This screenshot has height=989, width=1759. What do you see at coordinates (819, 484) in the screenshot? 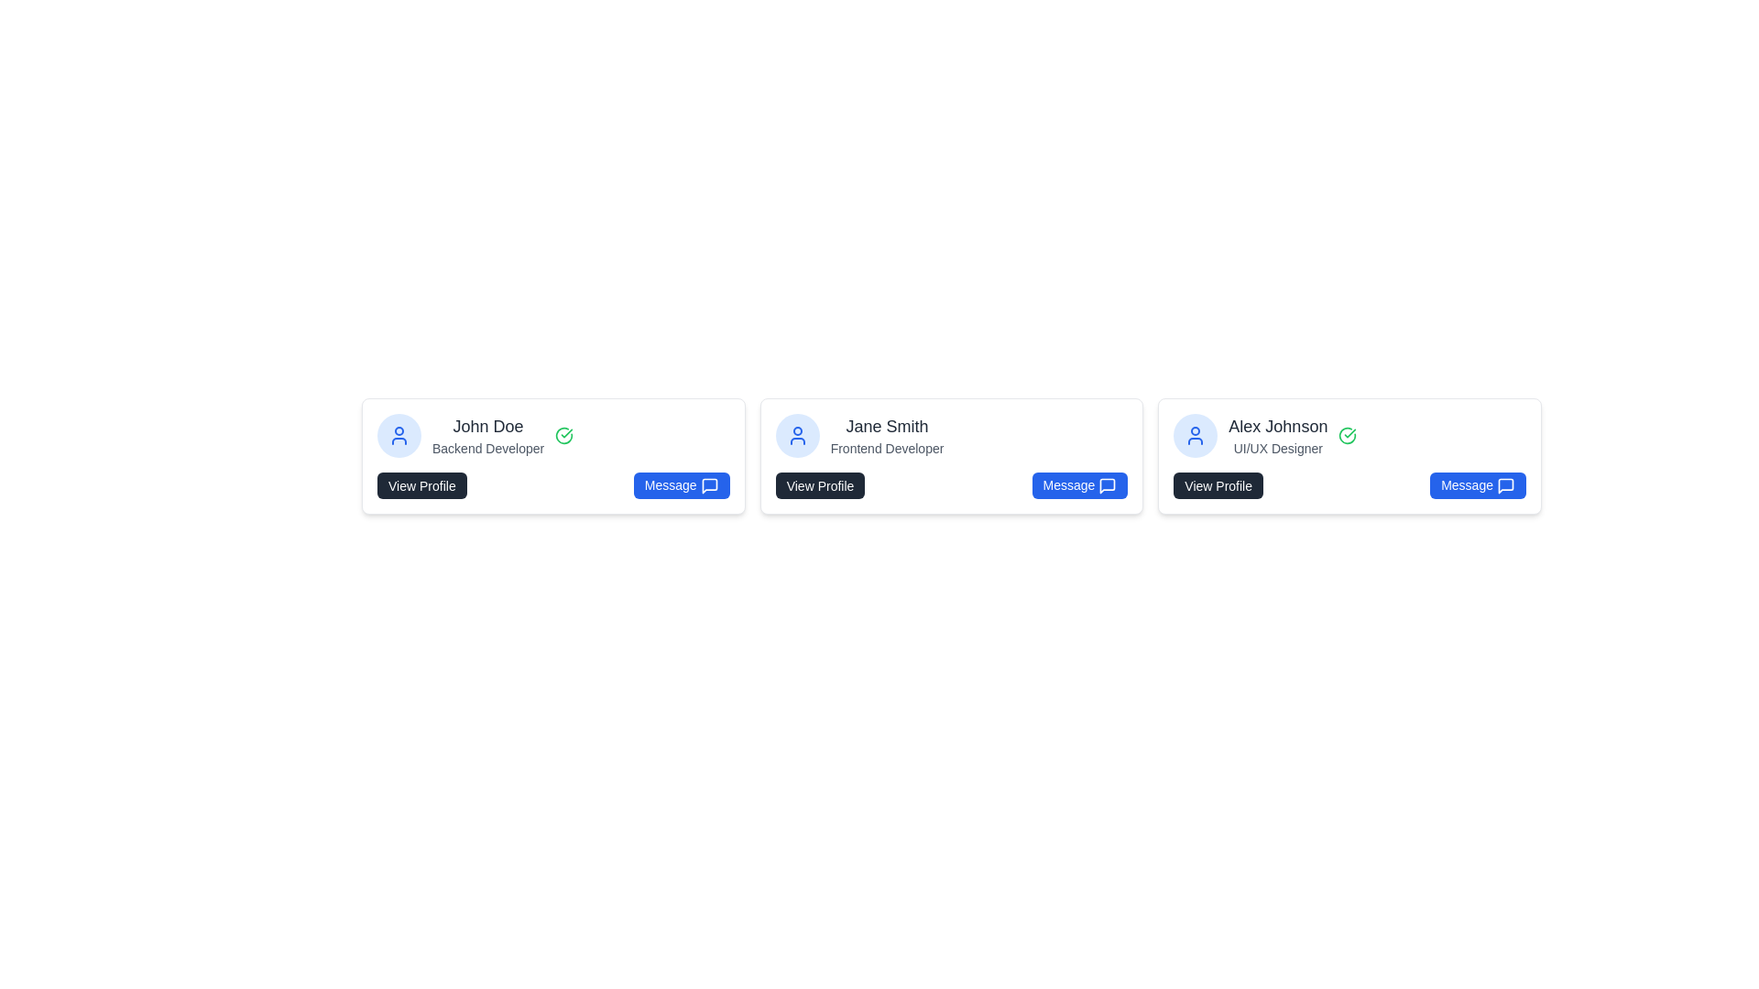
I see `the 'View Profile' button, which has a dark gray background and white text, to change its background color to black` at bounding box center [819, 484].